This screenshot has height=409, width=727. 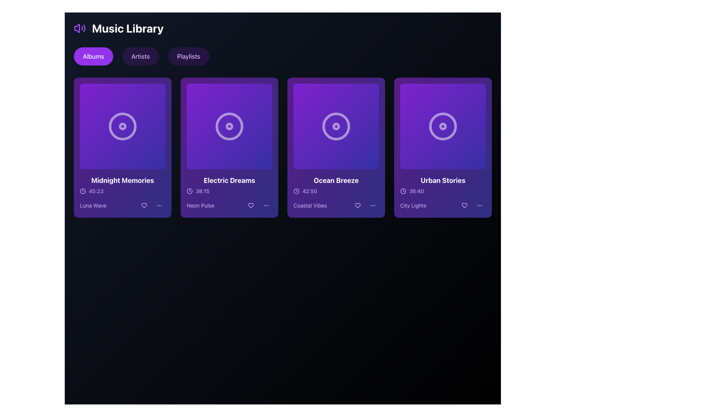 I want to click on the text label displaying 'Ocean Breeze', which is prominently located within the third card of the Music Library interface, so click(x=336, y=181).